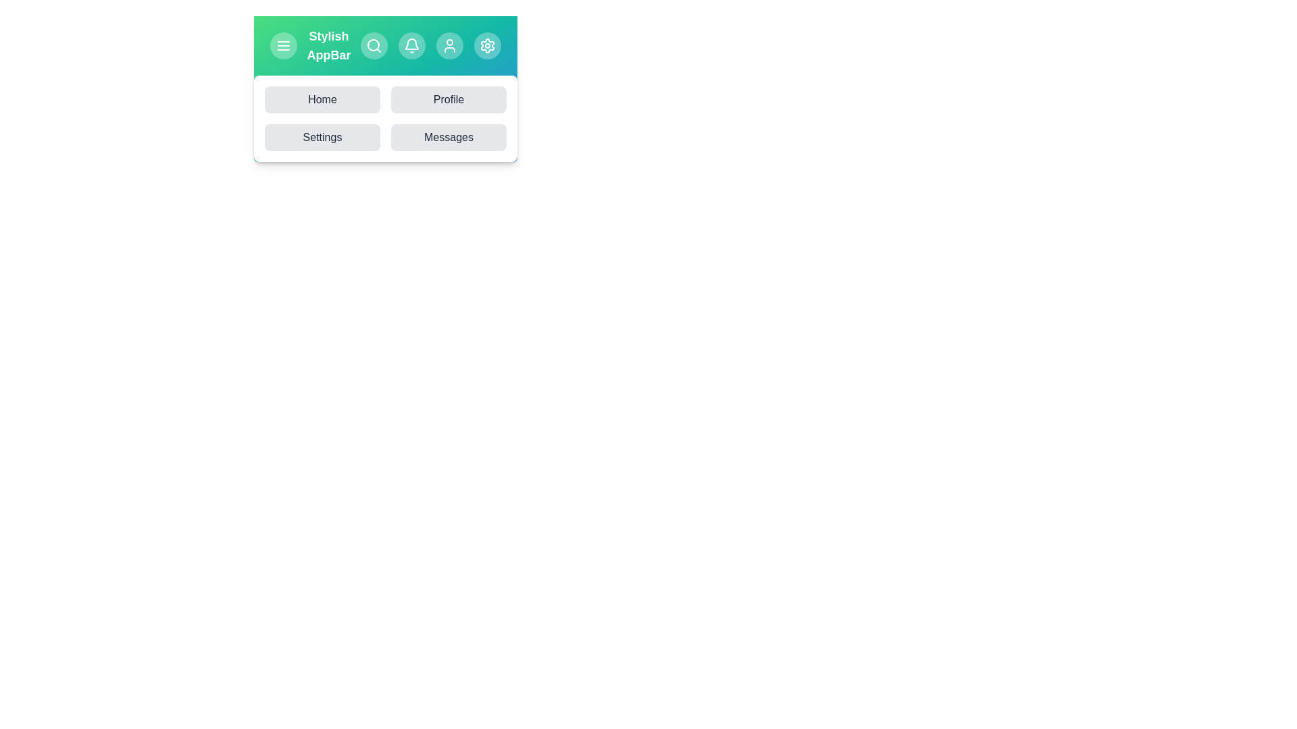 The width and height of the screenshot is (1297, 729). What do you see at coordinates (449, 138) in the screenshot?
I see `the Messages button to navigate` at bounding box center [449, 138].